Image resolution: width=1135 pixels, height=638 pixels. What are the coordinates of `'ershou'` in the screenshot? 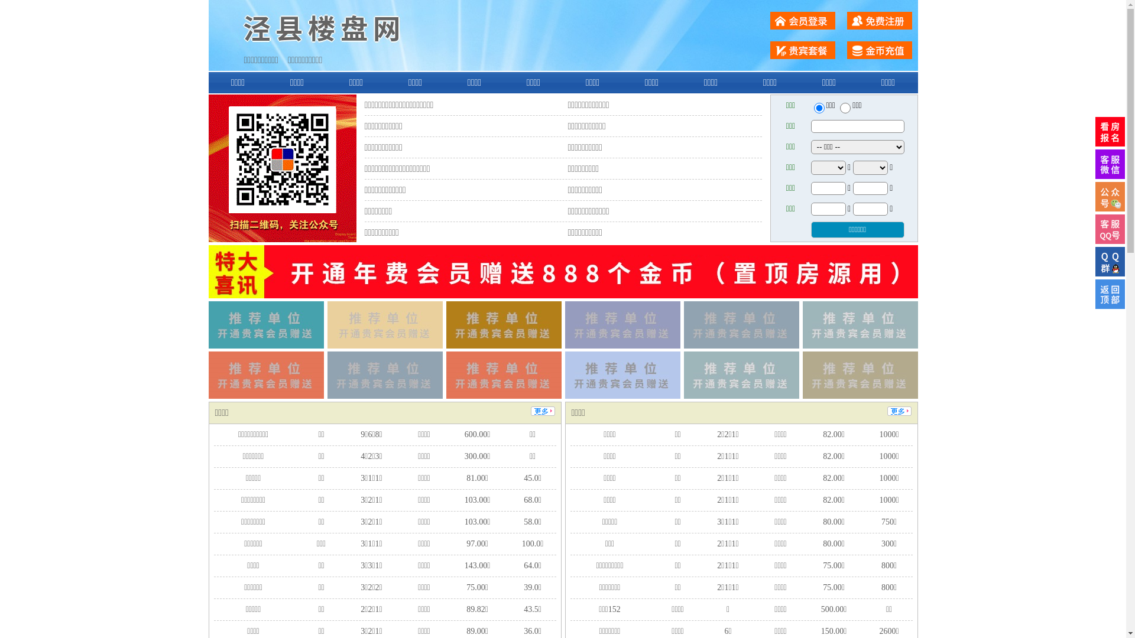 It's located at (818, 108).